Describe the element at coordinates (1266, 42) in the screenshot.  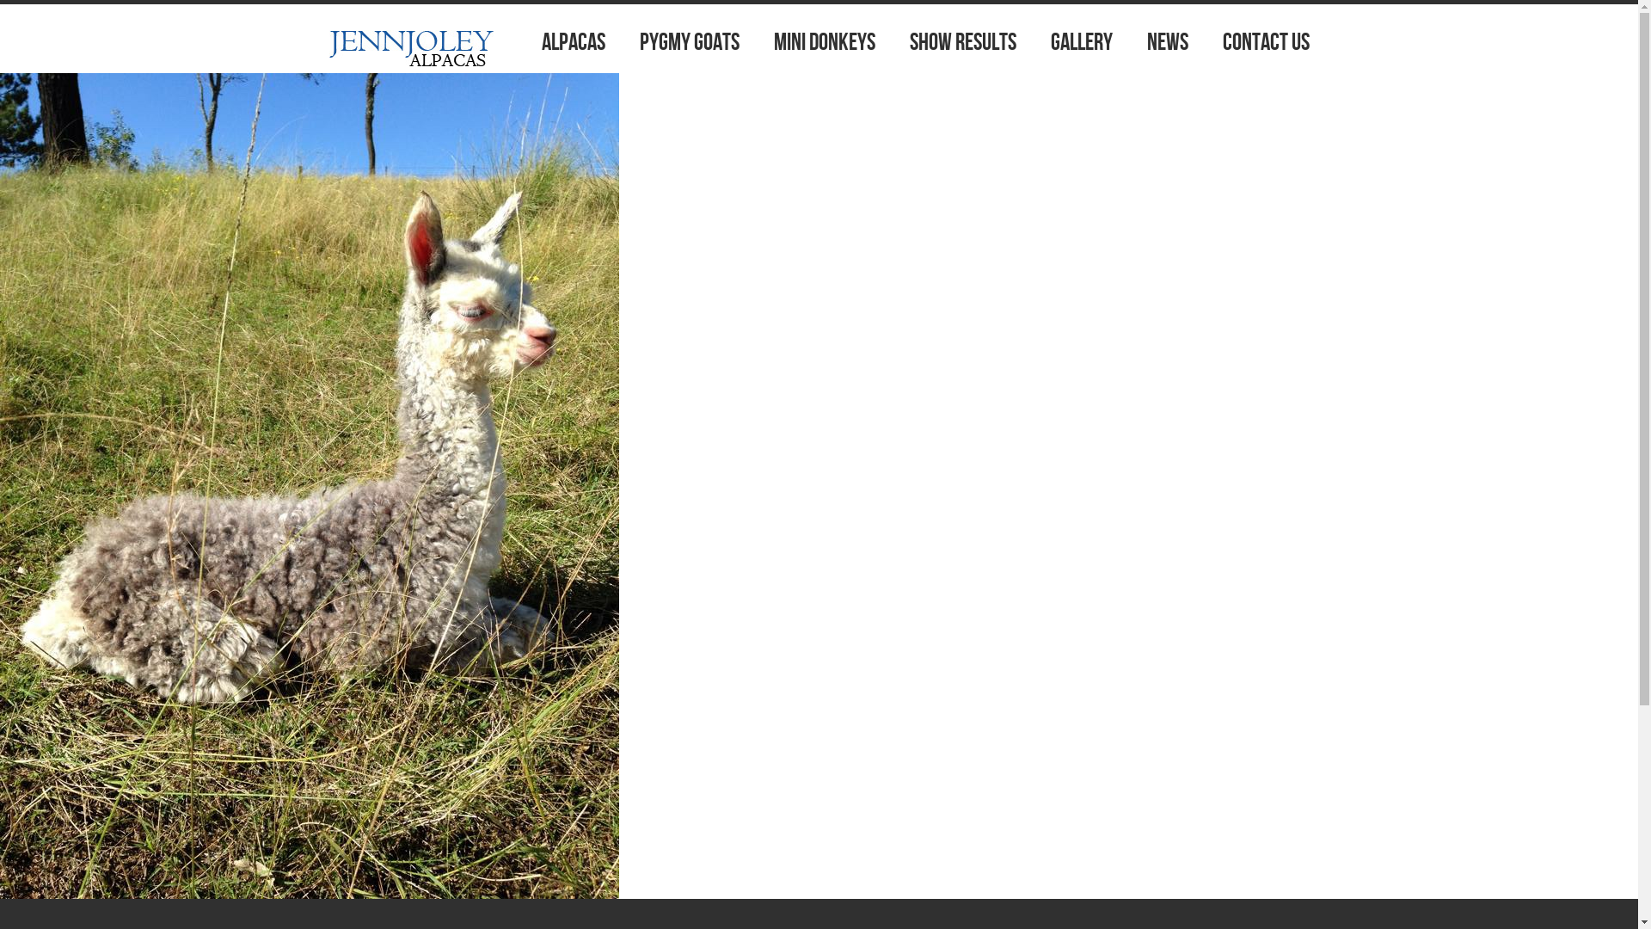
I see `'CONTACT US'` at that location.